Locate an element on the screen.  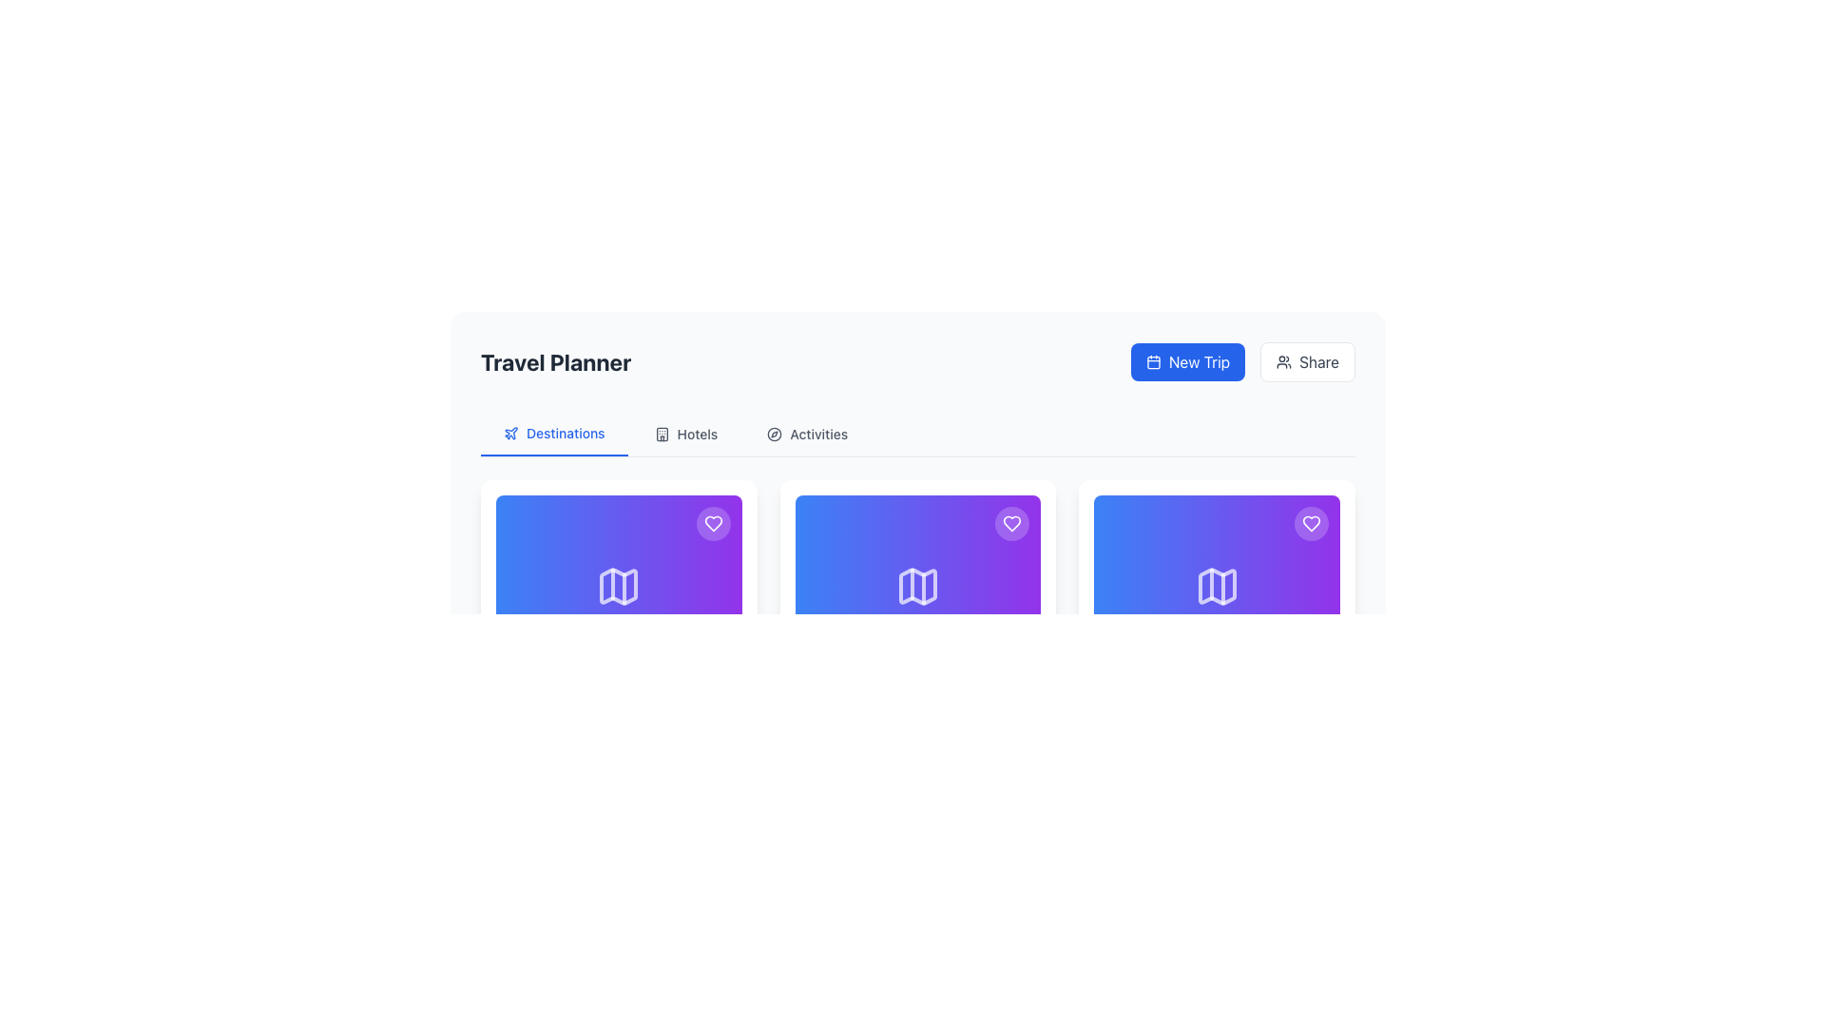
the hotel building icon in the horizontal navigation menu under the text 'Hotels', which is positioned second after 'Destinations' is located at coordinates (662, 434).